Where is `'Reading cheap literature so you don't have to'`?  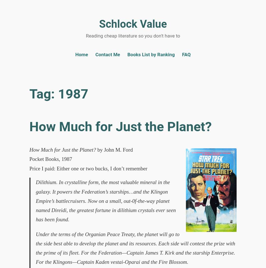
'Reading cheap literature so you don't have to' is located at coordinates (132, 36).